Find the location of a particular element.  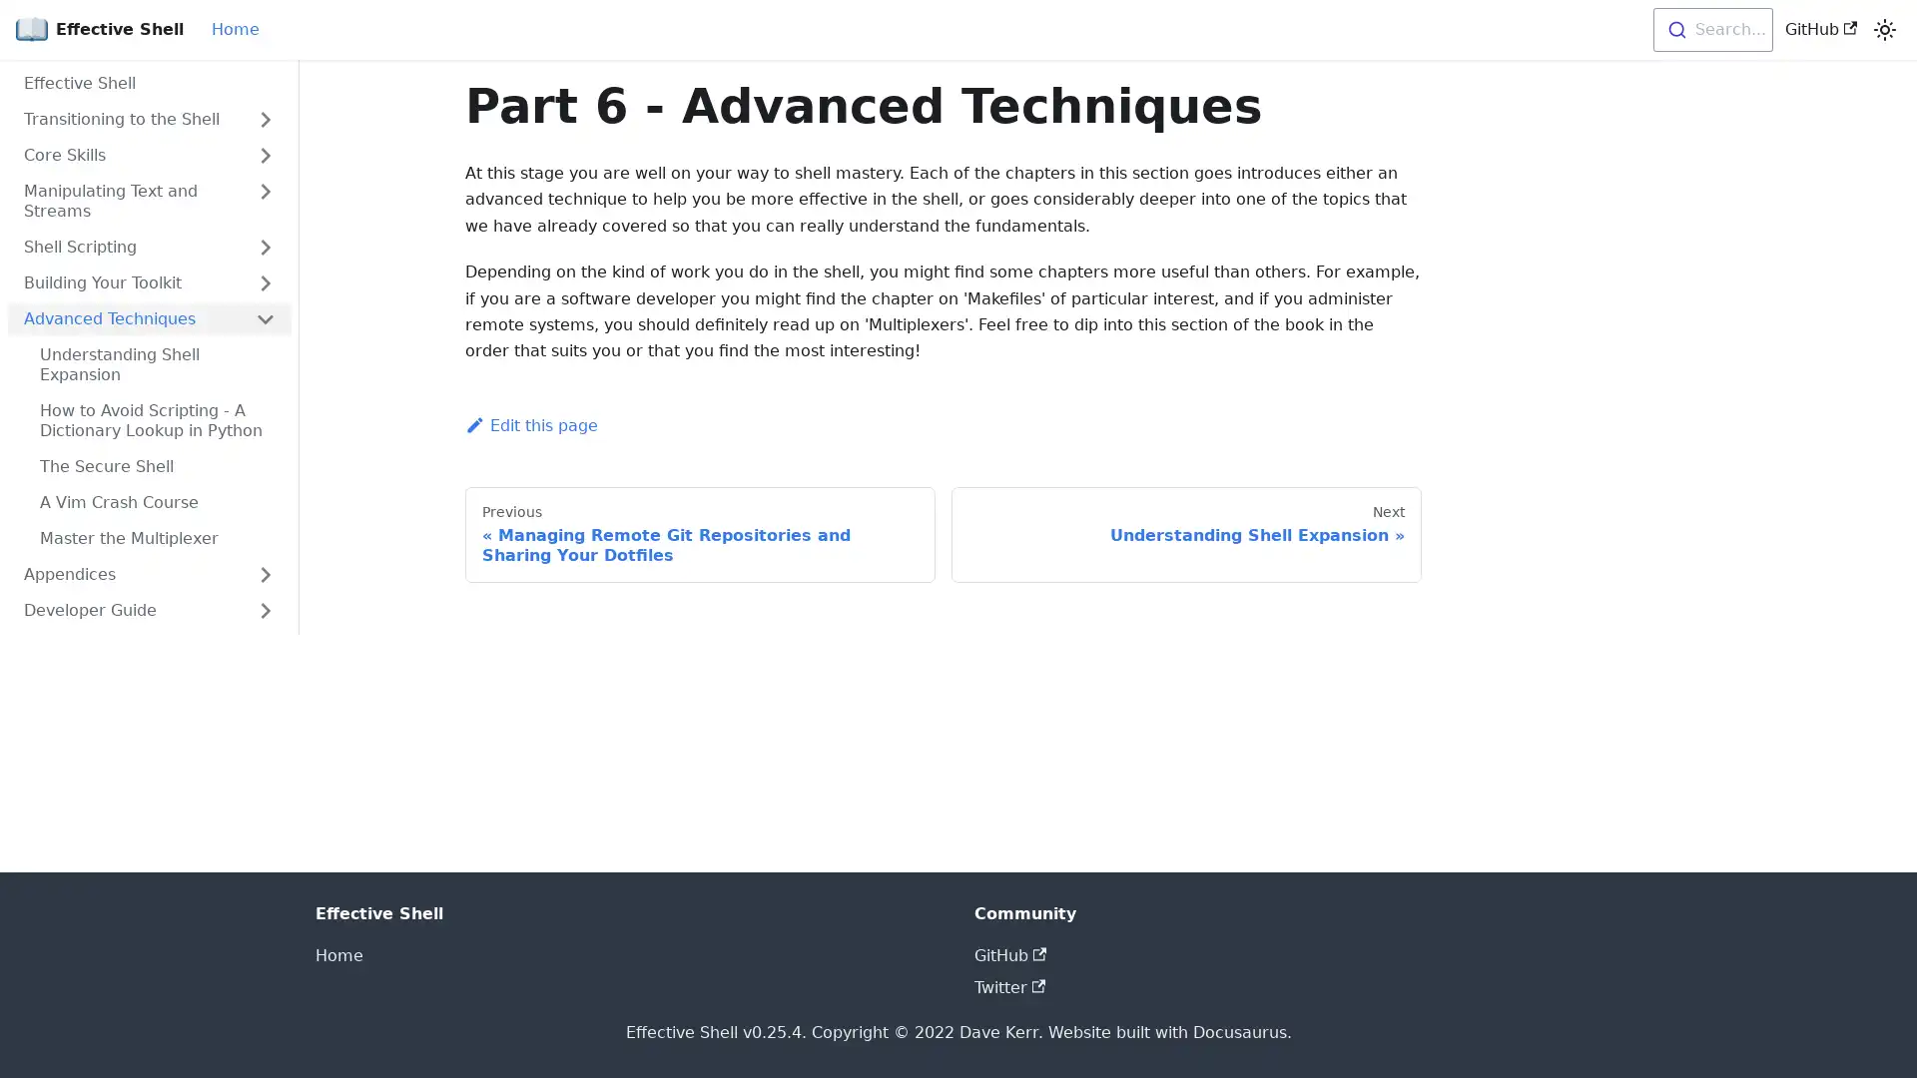

Switch between dark and light mode (currently light mode) is located at coordinates (1883, 30).